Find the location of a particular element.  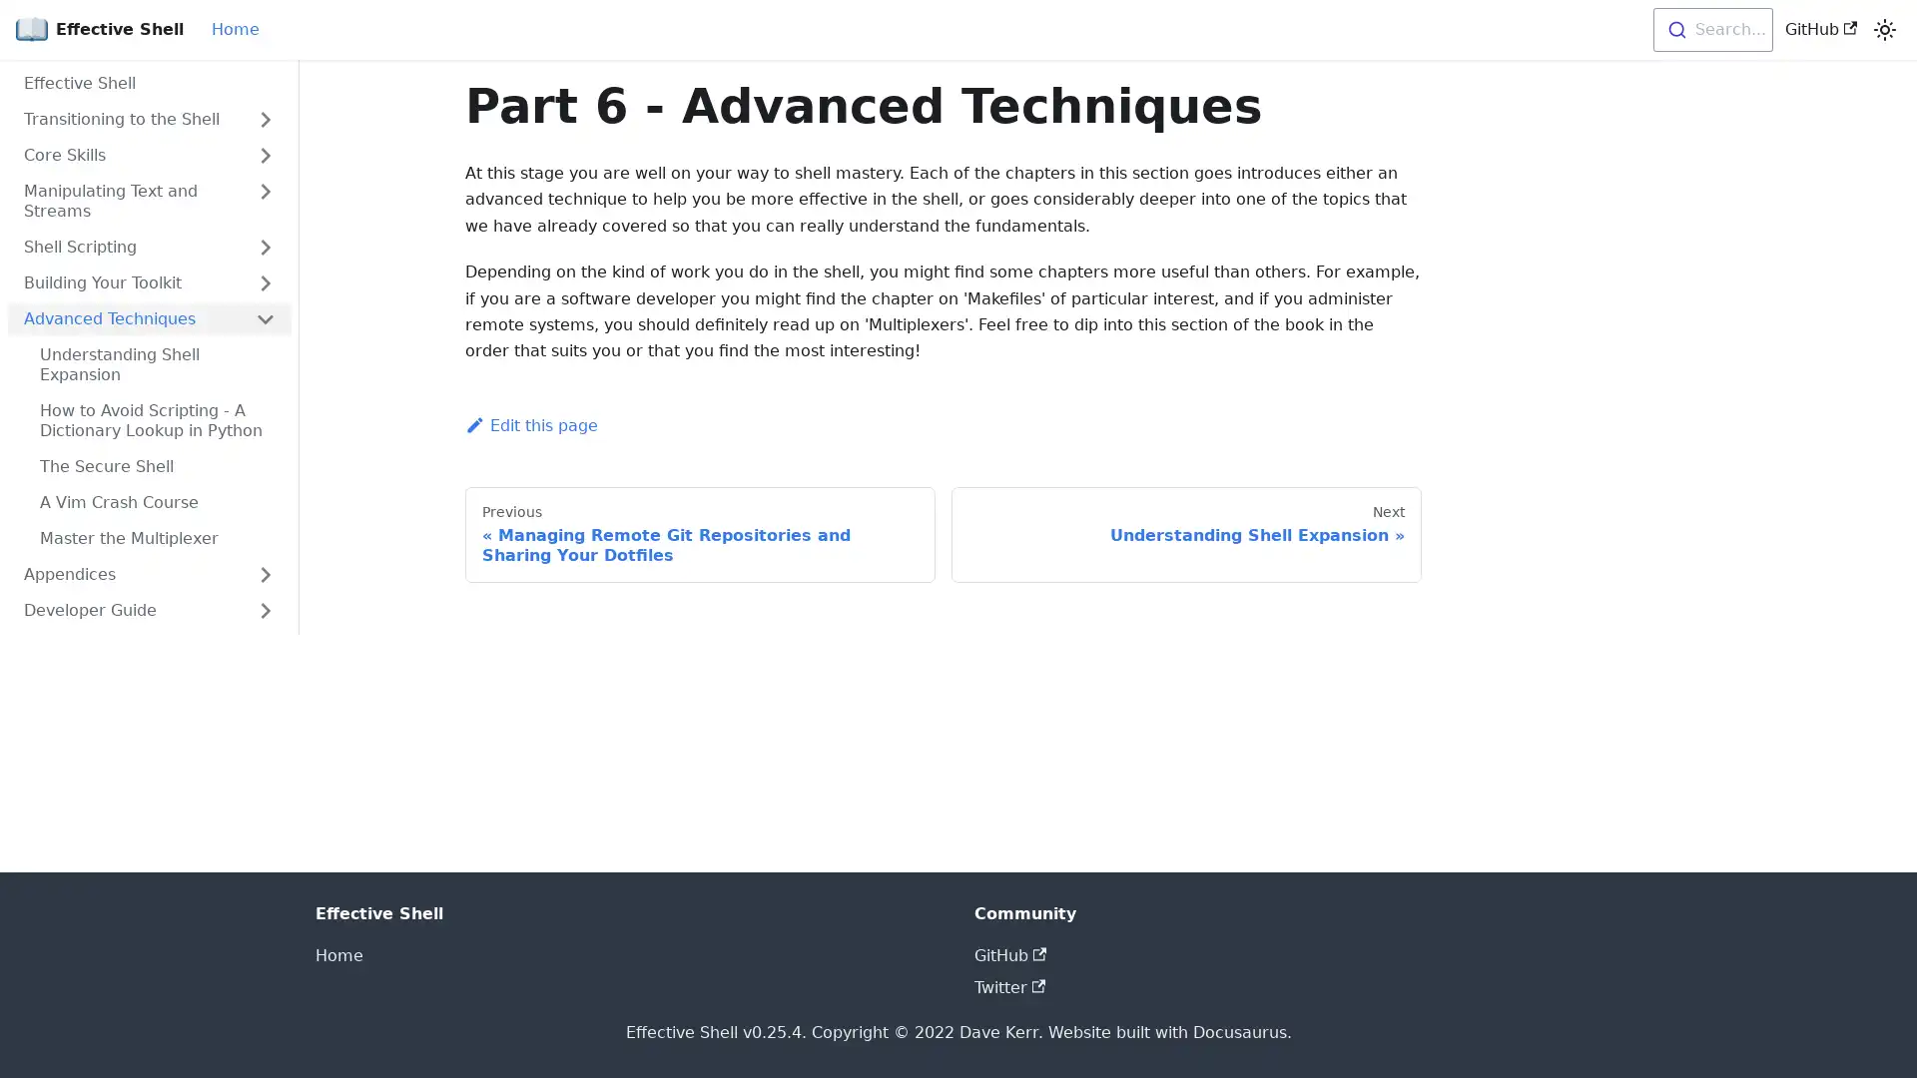

Switch between dark and light mode (currently light mode) is located at coordinates (1883, 30).